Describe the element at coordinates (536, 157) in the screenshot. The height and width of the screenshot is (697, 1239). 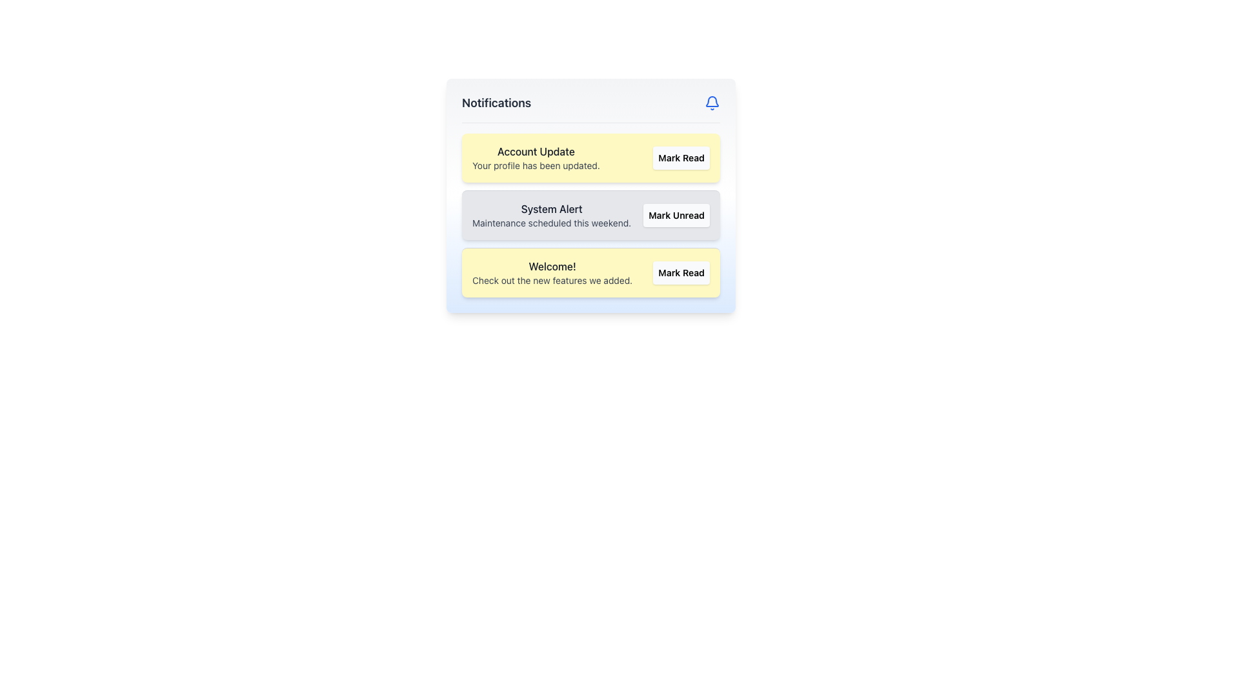
I see `the content of the 'Account Update' notification, which displays a bold header and a message about profile updates on a yellow background` at that location.